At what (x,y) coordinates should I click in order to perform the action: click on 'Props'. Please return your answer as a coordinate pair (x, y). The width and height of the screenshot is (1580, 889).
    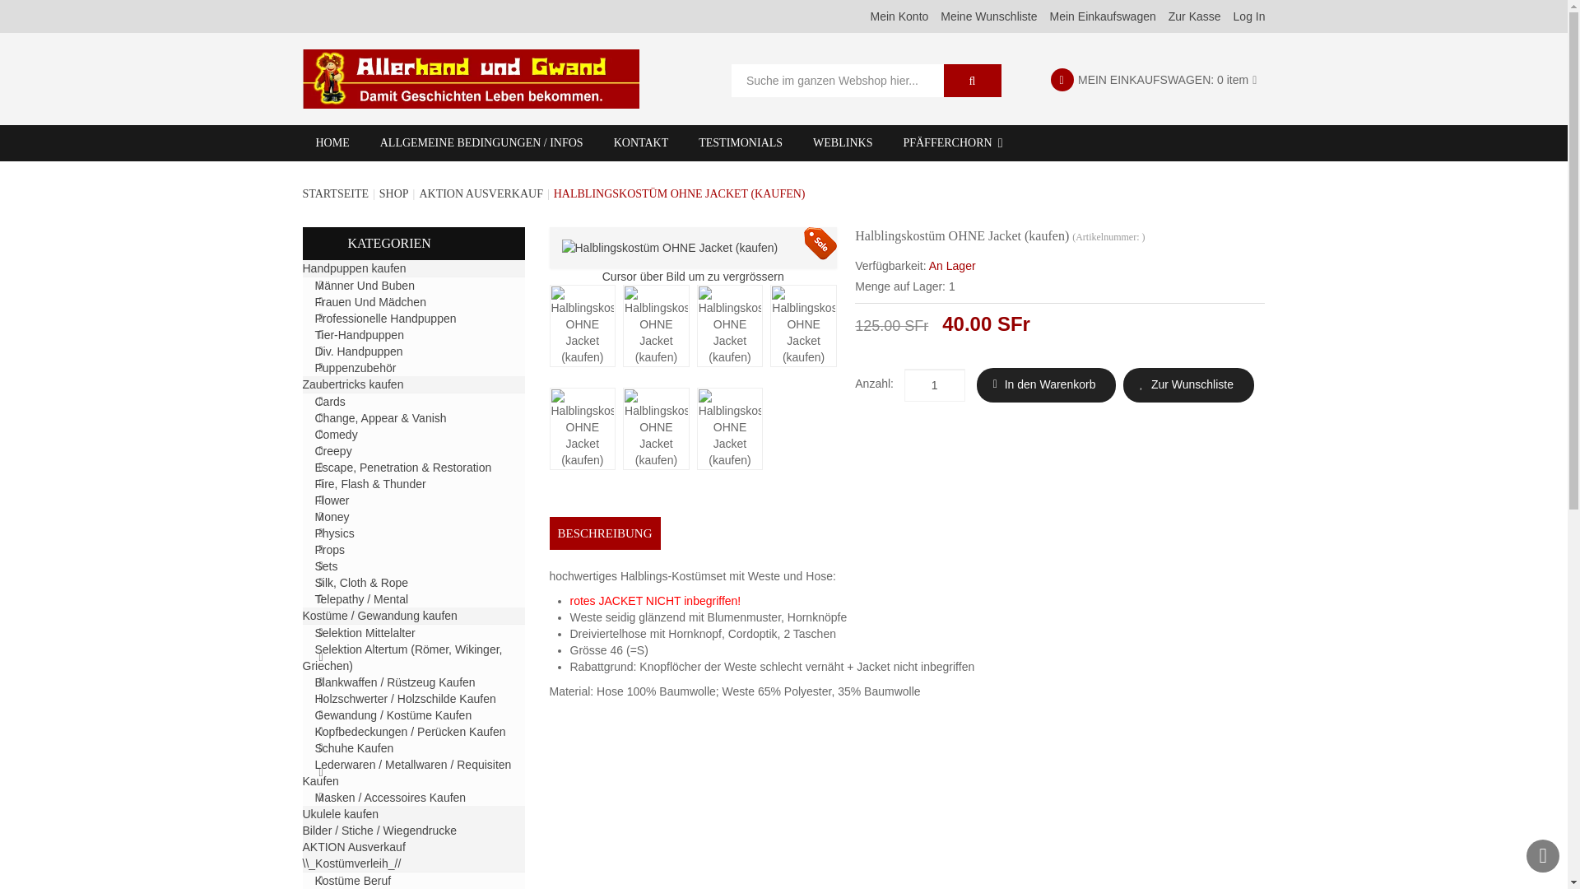
    Looking at the image, I should click on (329, 549).